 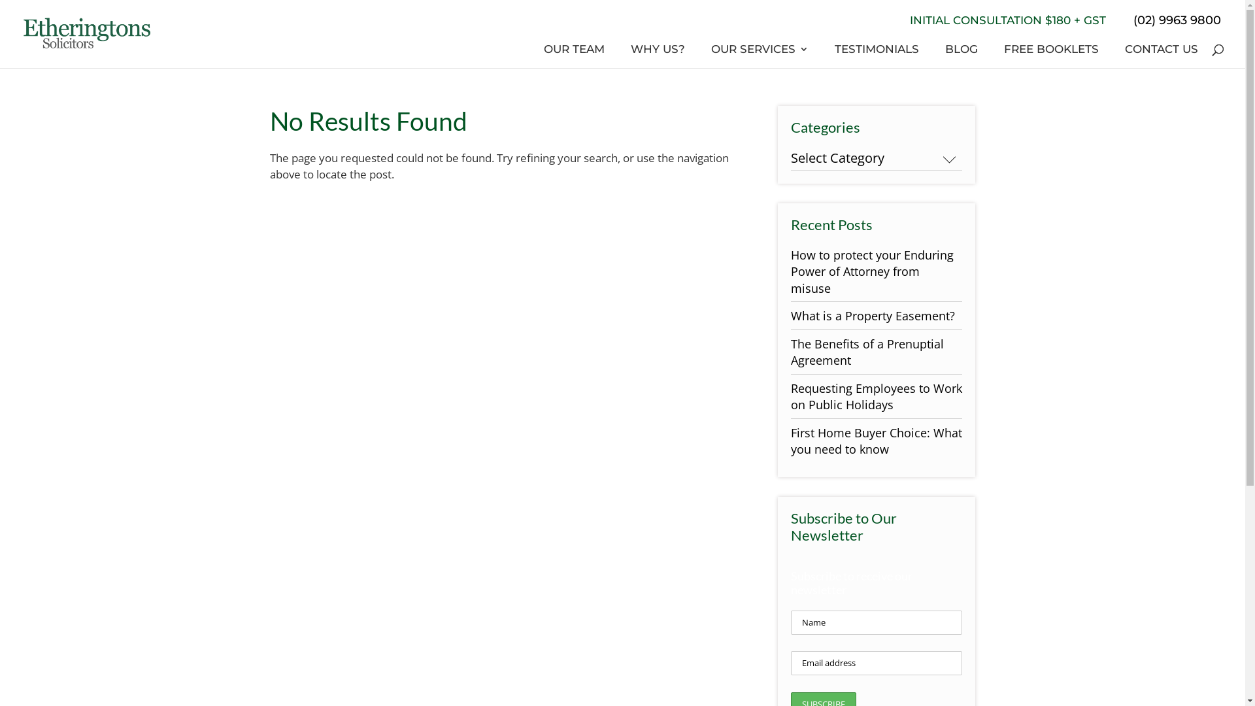 I want to click on 'BLOG', so click(x=961, y=52).